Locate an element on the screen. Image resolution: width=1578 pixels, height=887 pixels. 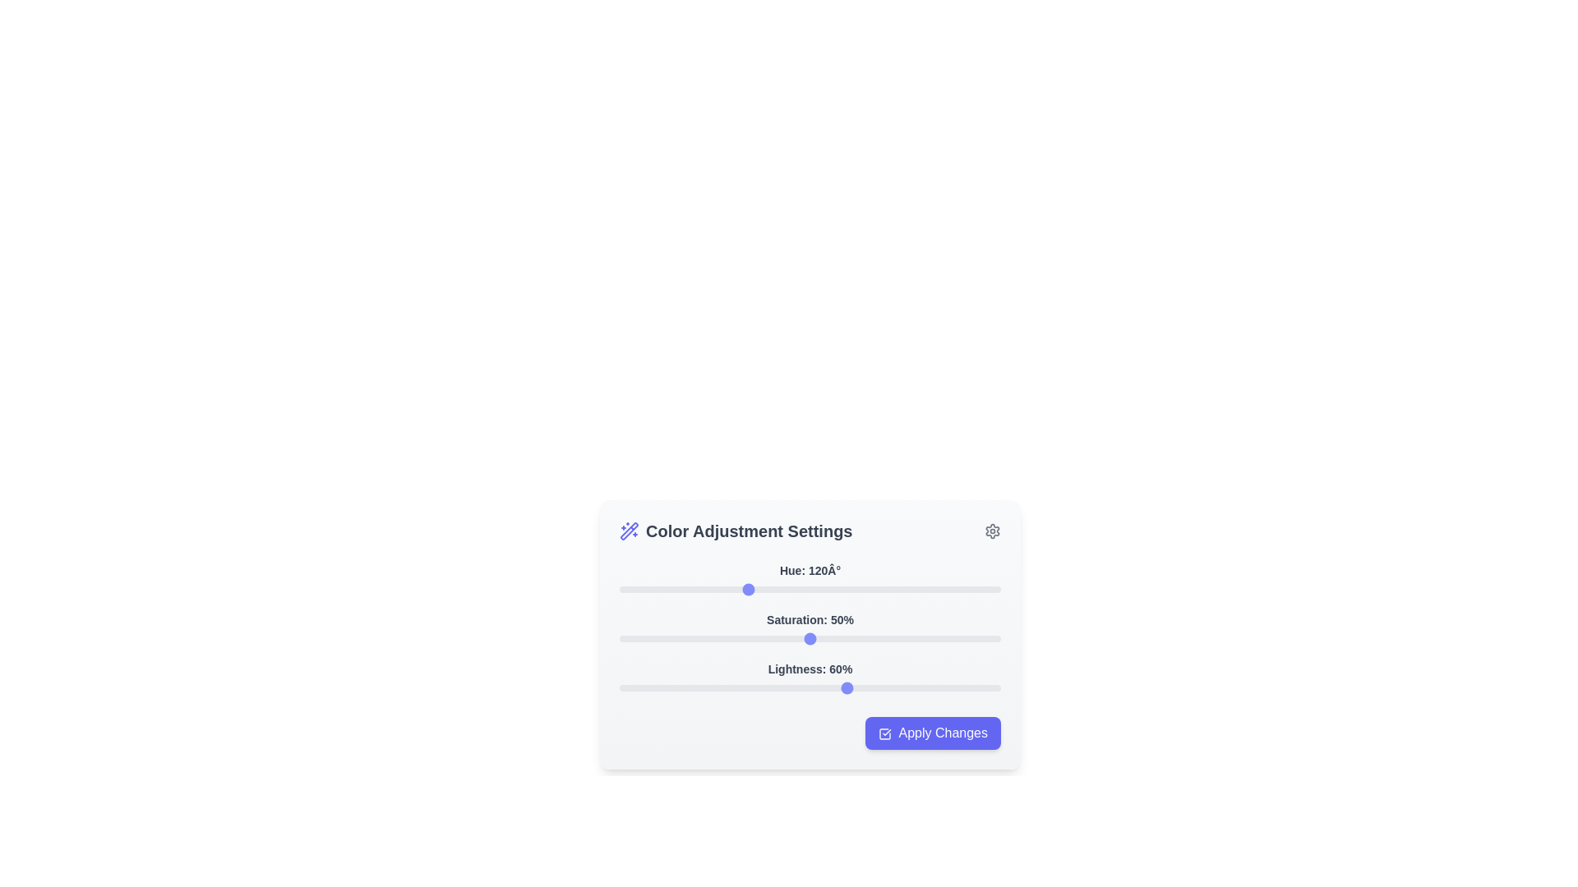
the grouped component of three sliders labeled 'Hue: 120°', 'Saturation: 50%', and 'Lightness: 60%' within the 'Color Adjustment Settings' dialog is located at coordinates (810, 629).